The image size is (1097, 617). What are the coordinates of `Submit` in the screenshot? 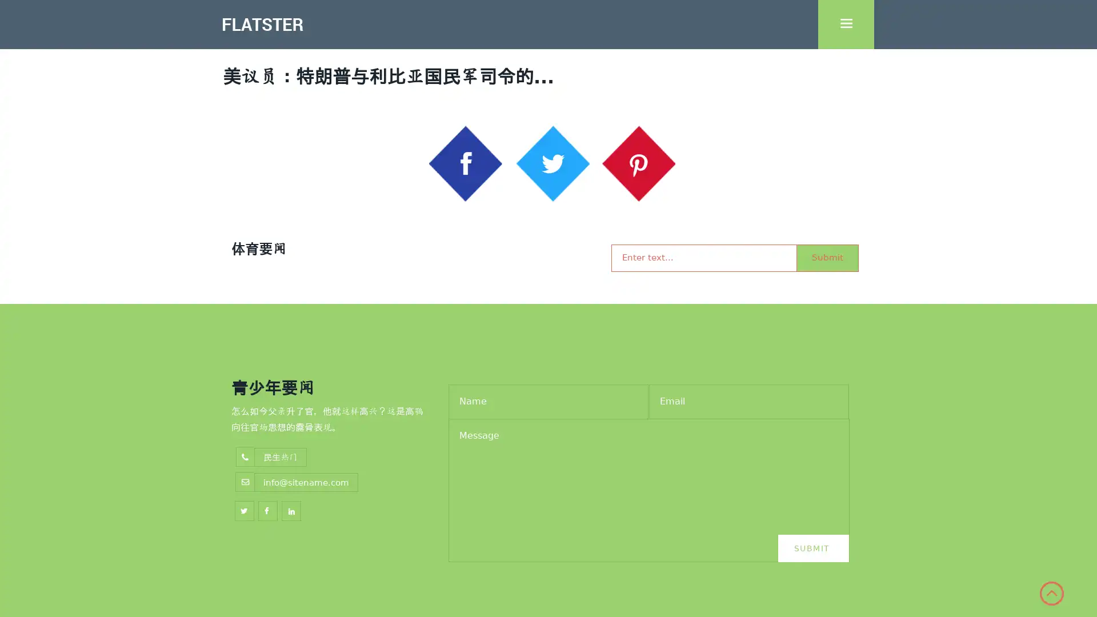 It's located at (823, 258).